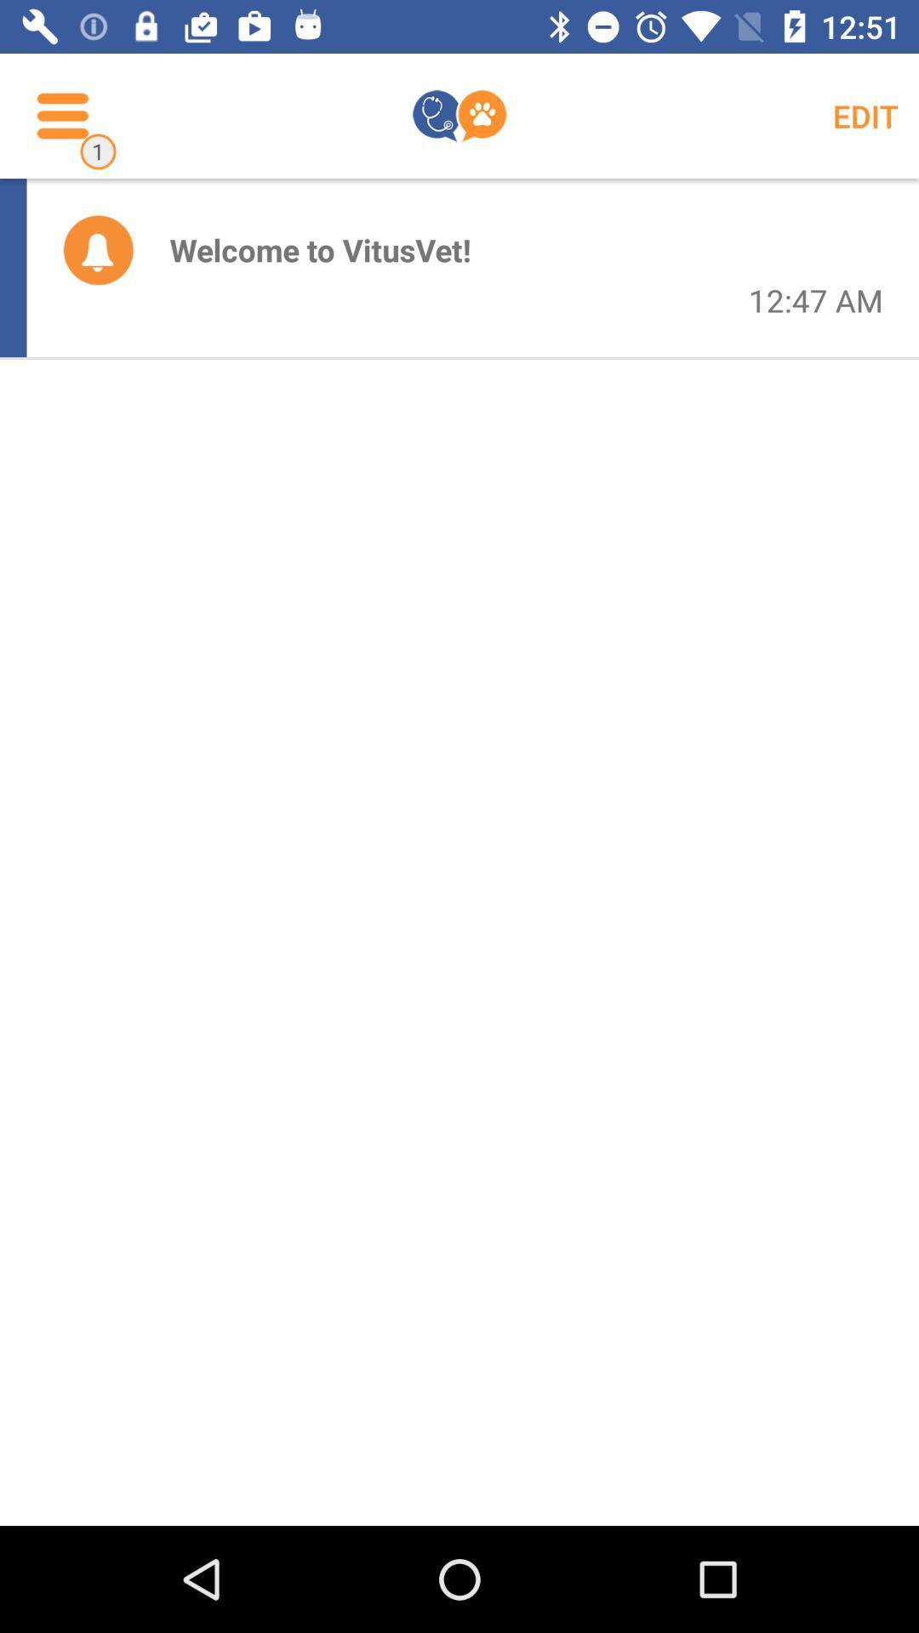 The image size is (919, 1633). What do you see at coordinates (814, 300) in the screenshot?
I see `the icon to the right of the welcome to vitusvet!` at bounding box center [814, 300].